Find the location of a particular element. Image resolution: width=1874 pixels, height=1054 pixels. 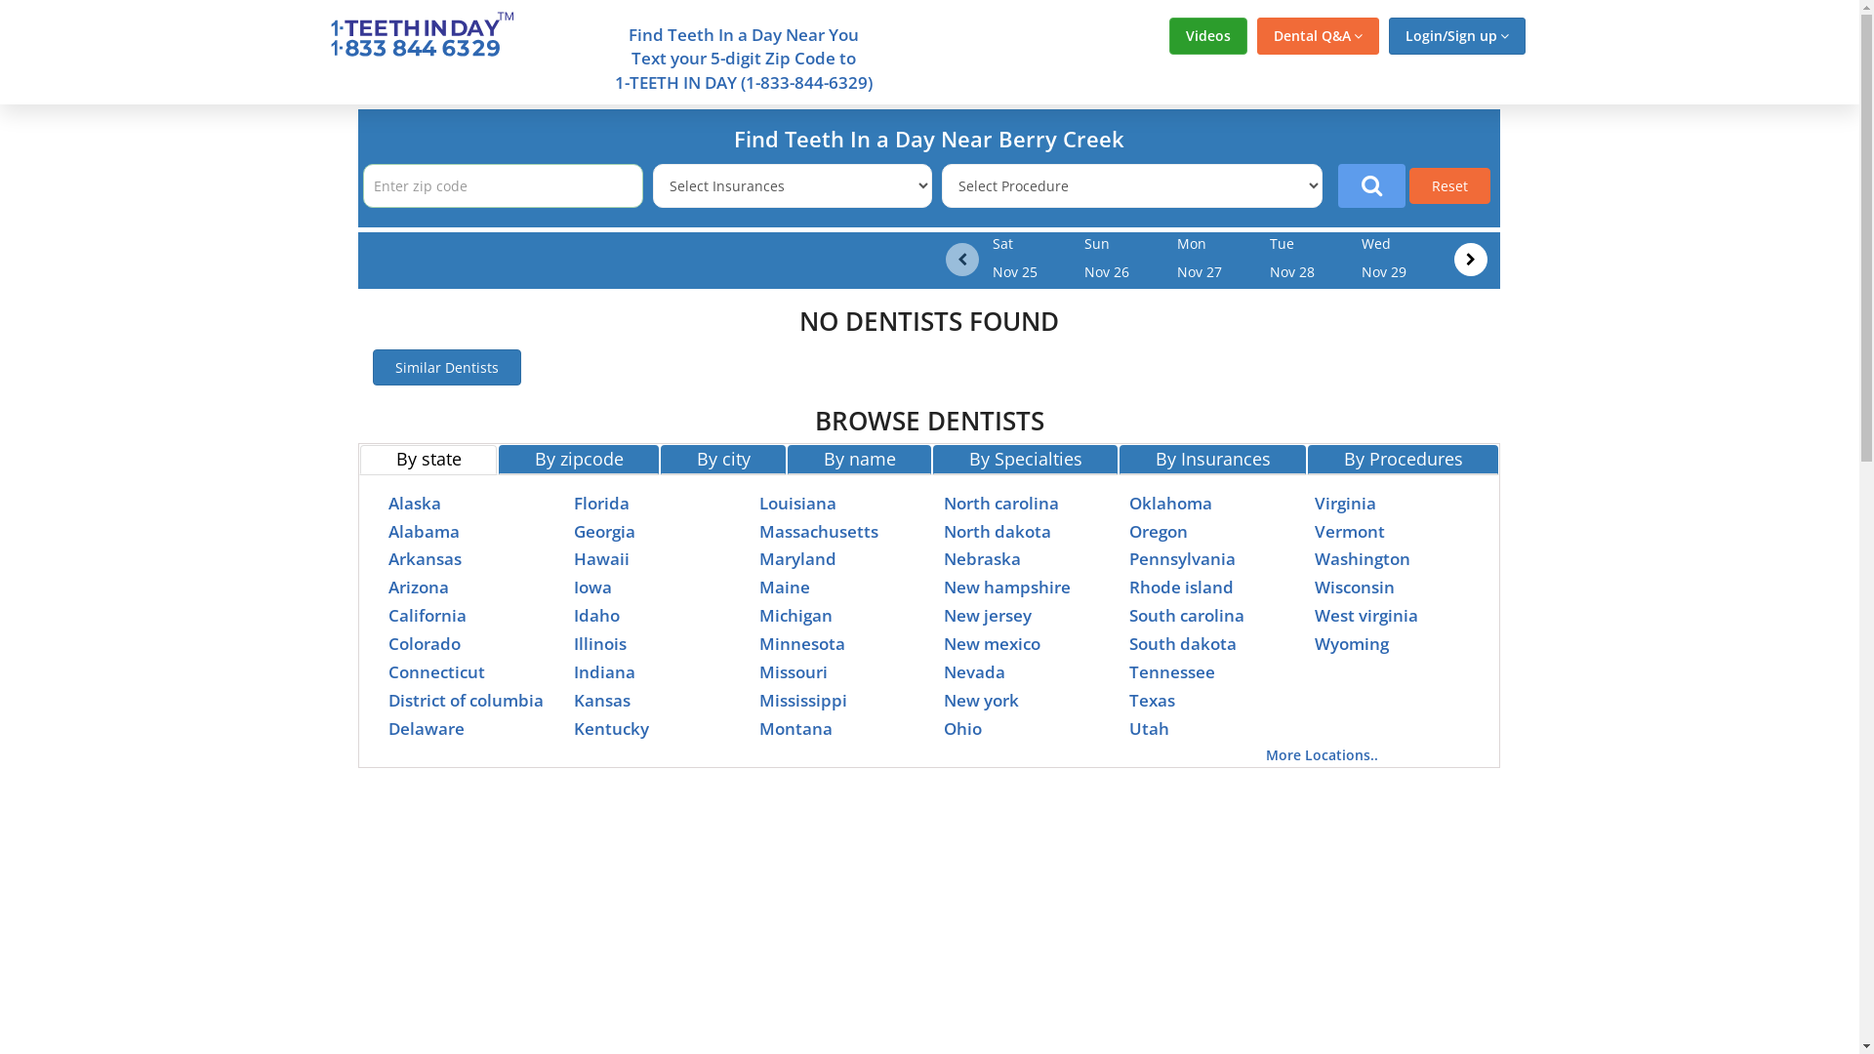

'By Specialties' is located at coordinates (931, 459).